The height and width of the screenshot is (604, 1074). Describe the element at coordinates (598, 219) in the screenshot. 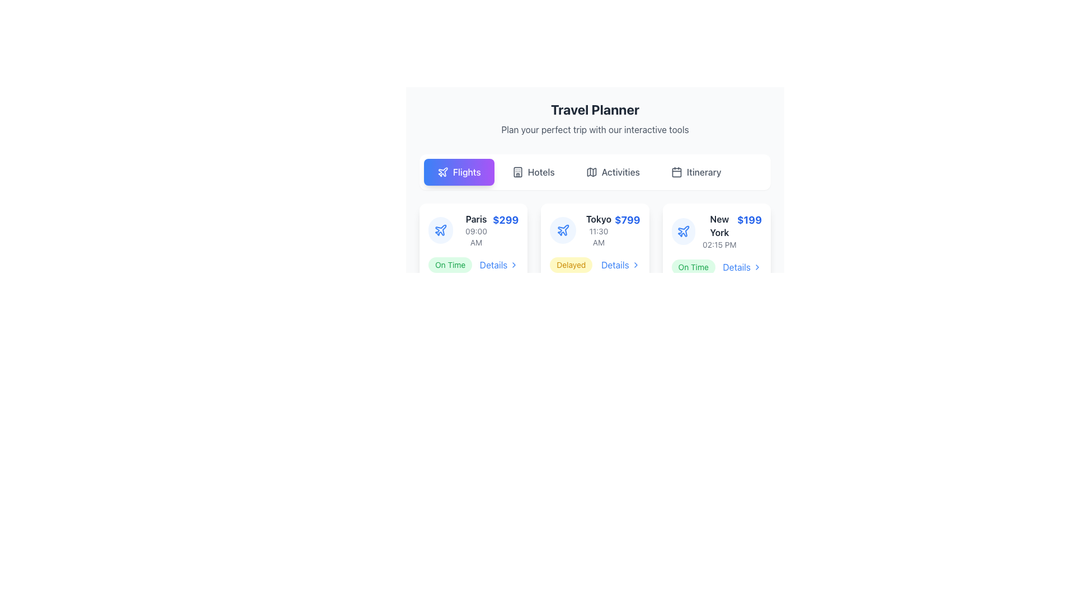

I see `text label displaying 'Tokyo' which is located at the upper part of the second card in a horizontally arranged collection of cards` at that location.